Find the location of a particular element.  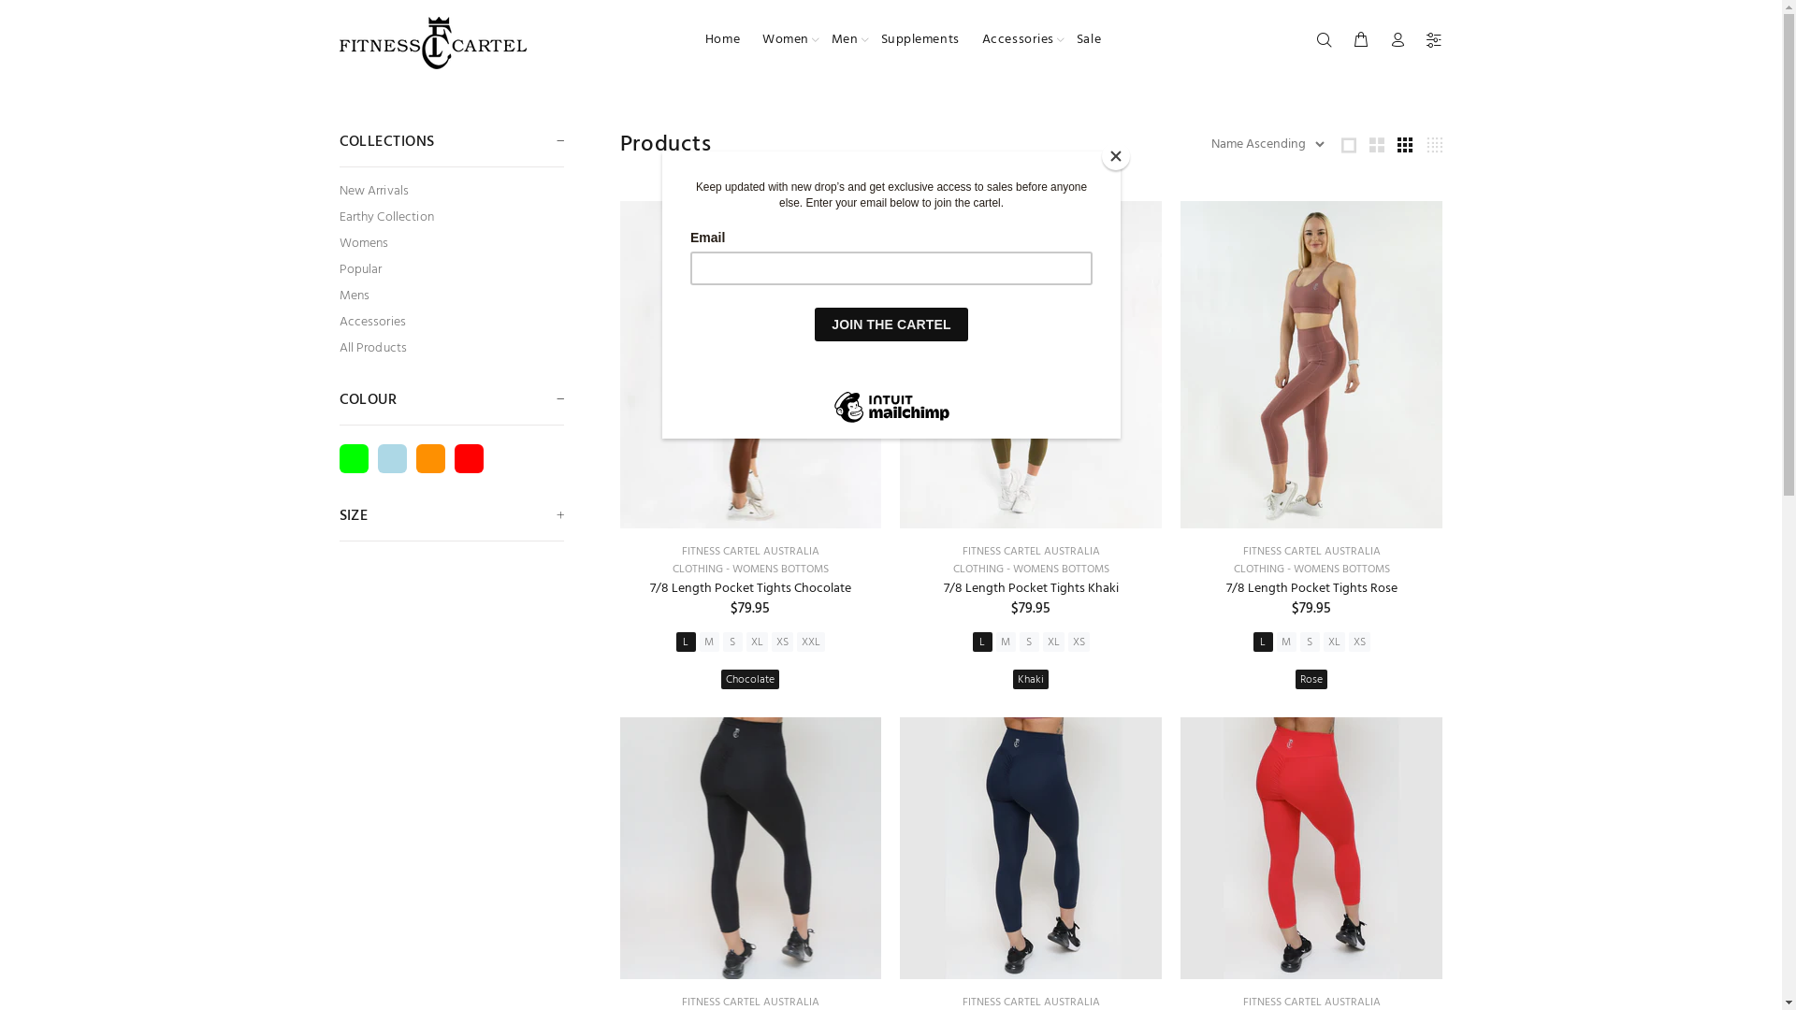

'Men' is located at coordinates (844, 39).